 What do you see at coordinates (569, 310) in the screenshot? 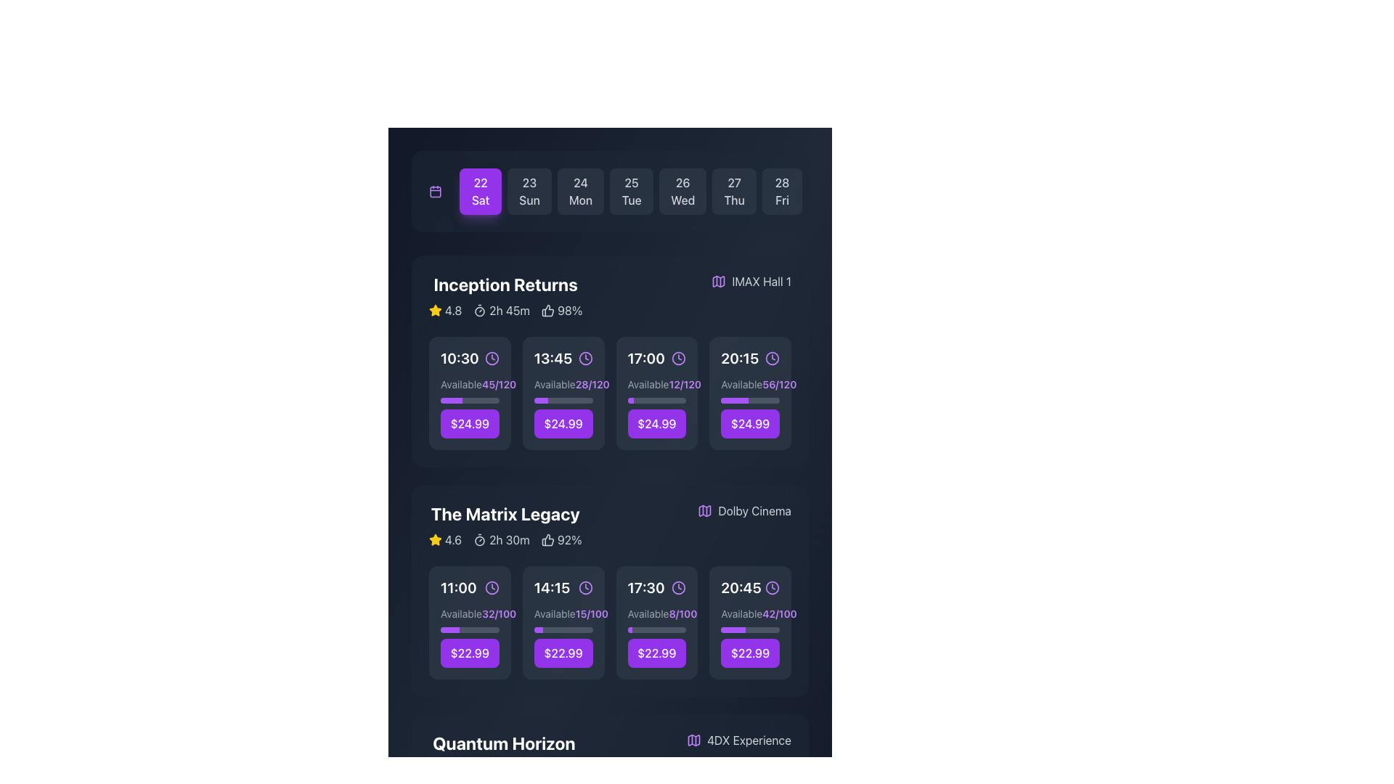
I see `percentage text label displaying '98%' located next to the thumbs-up icon in the information bar for the movie 'Inception Returns'` at bounding box center [569, 310].